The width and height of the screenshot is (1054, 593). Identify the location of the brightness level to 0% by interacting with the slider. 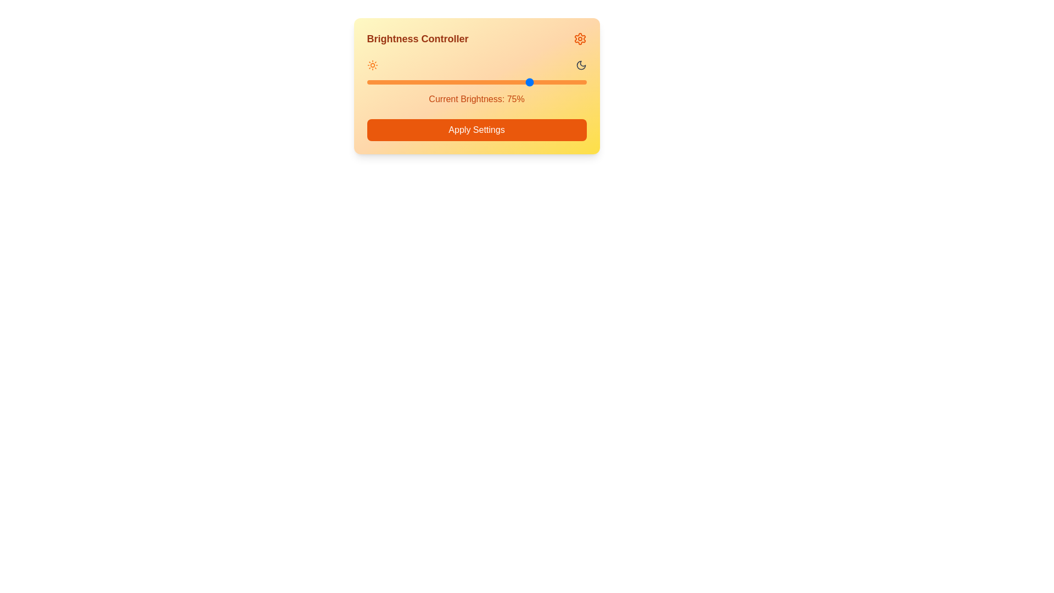
(367, 82).